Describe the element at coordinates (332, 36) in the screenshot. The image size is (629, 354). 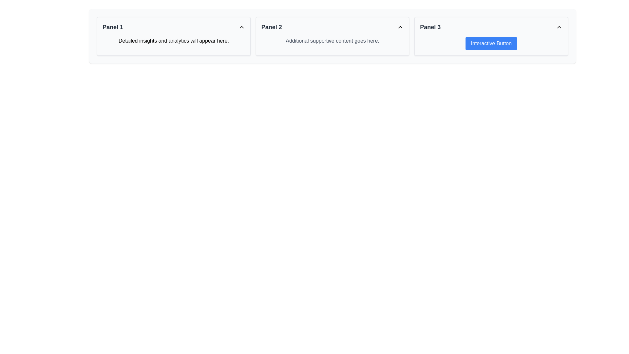
I see `the second panel in a row of three panels, which contains a chevron icon for collapsing or expanding` at that location.